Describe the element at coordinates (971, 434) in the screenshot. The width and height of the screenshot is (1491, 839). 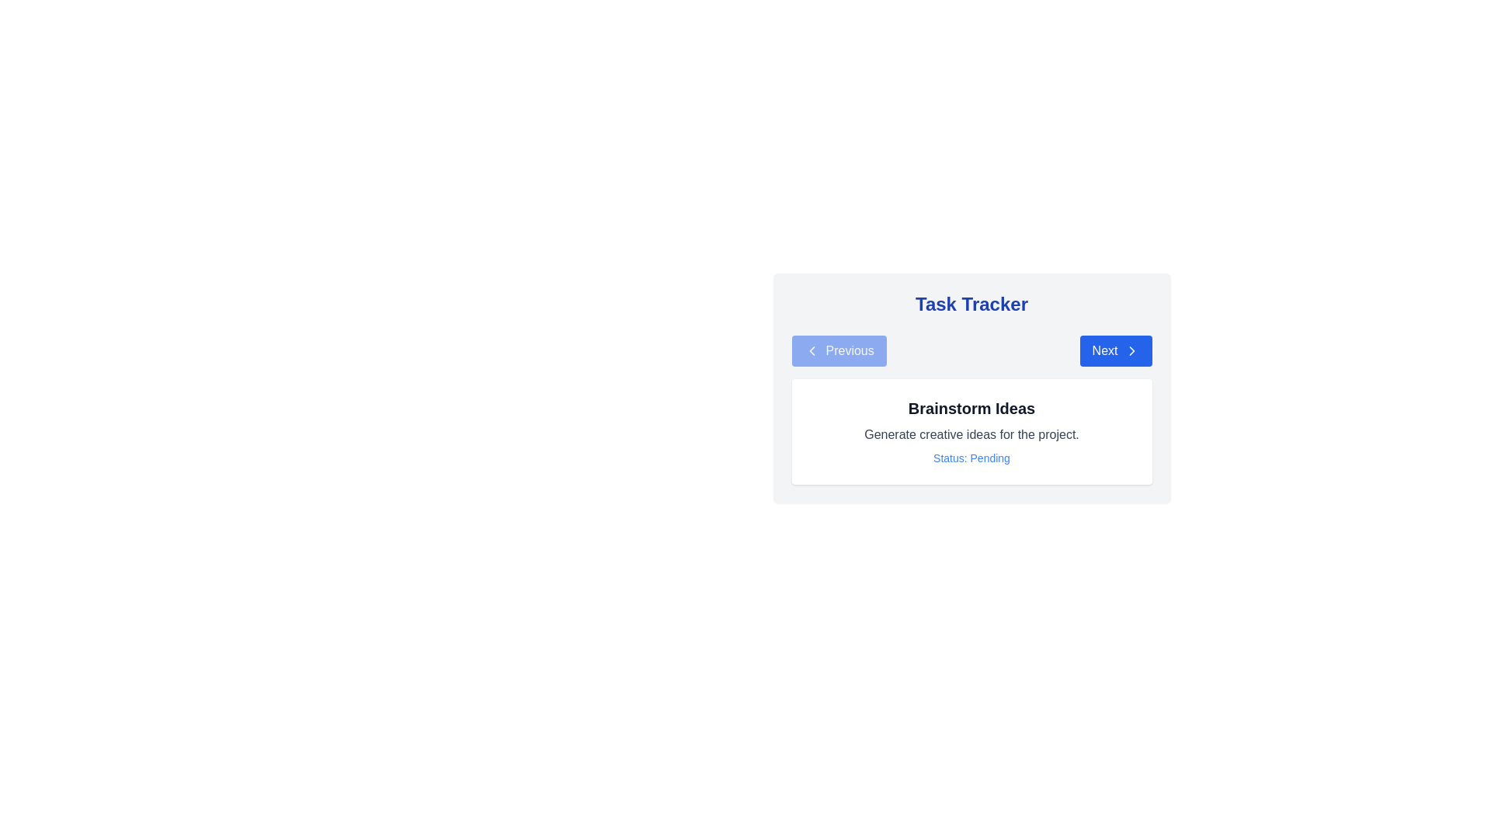
I see `the static text label that reads 'Generate creative ideas for the project.' which is centrally located in the 'Task Tracker' interface, positioned below 'Brainstorm Ideas.'` at that location.